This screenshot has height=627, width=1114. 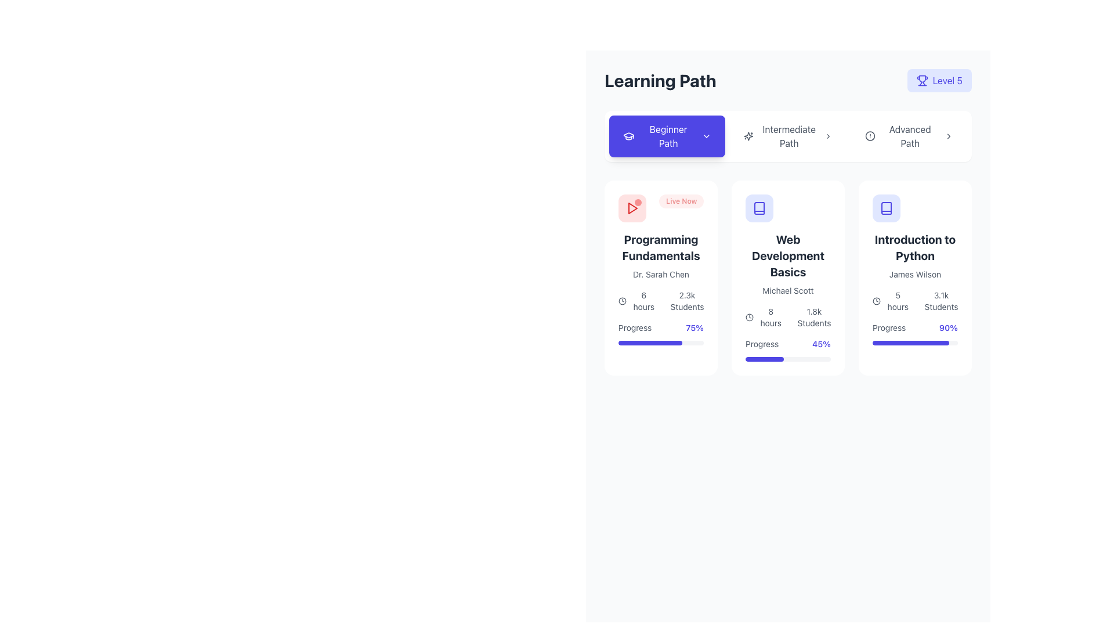 I want to click on the Progress Indicator element that displays 'Progress' on the left and '75%' on the right, located in the bottom section of the 'Programming Fundamentals' card, so click(x=661, y=333).